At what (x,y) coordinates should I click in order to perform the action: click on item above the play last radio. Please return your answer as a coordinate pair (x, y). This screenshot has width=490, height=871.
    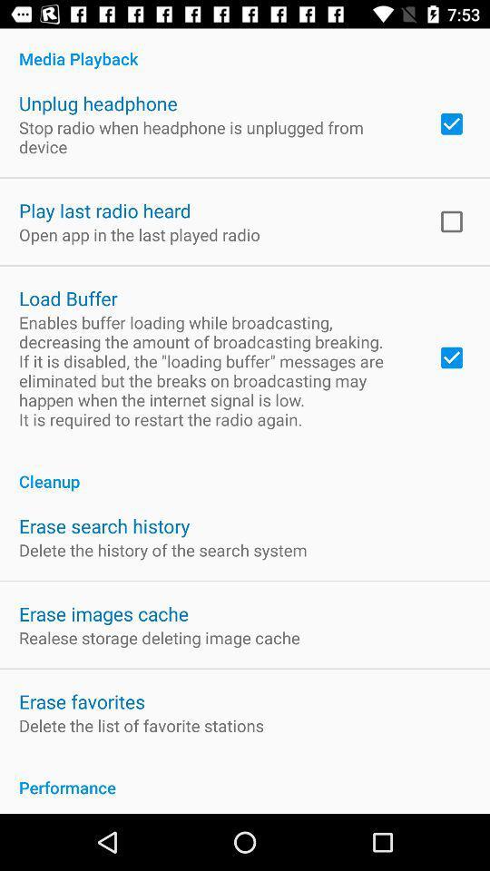
    Looking at the image, I should click on (216, 136).